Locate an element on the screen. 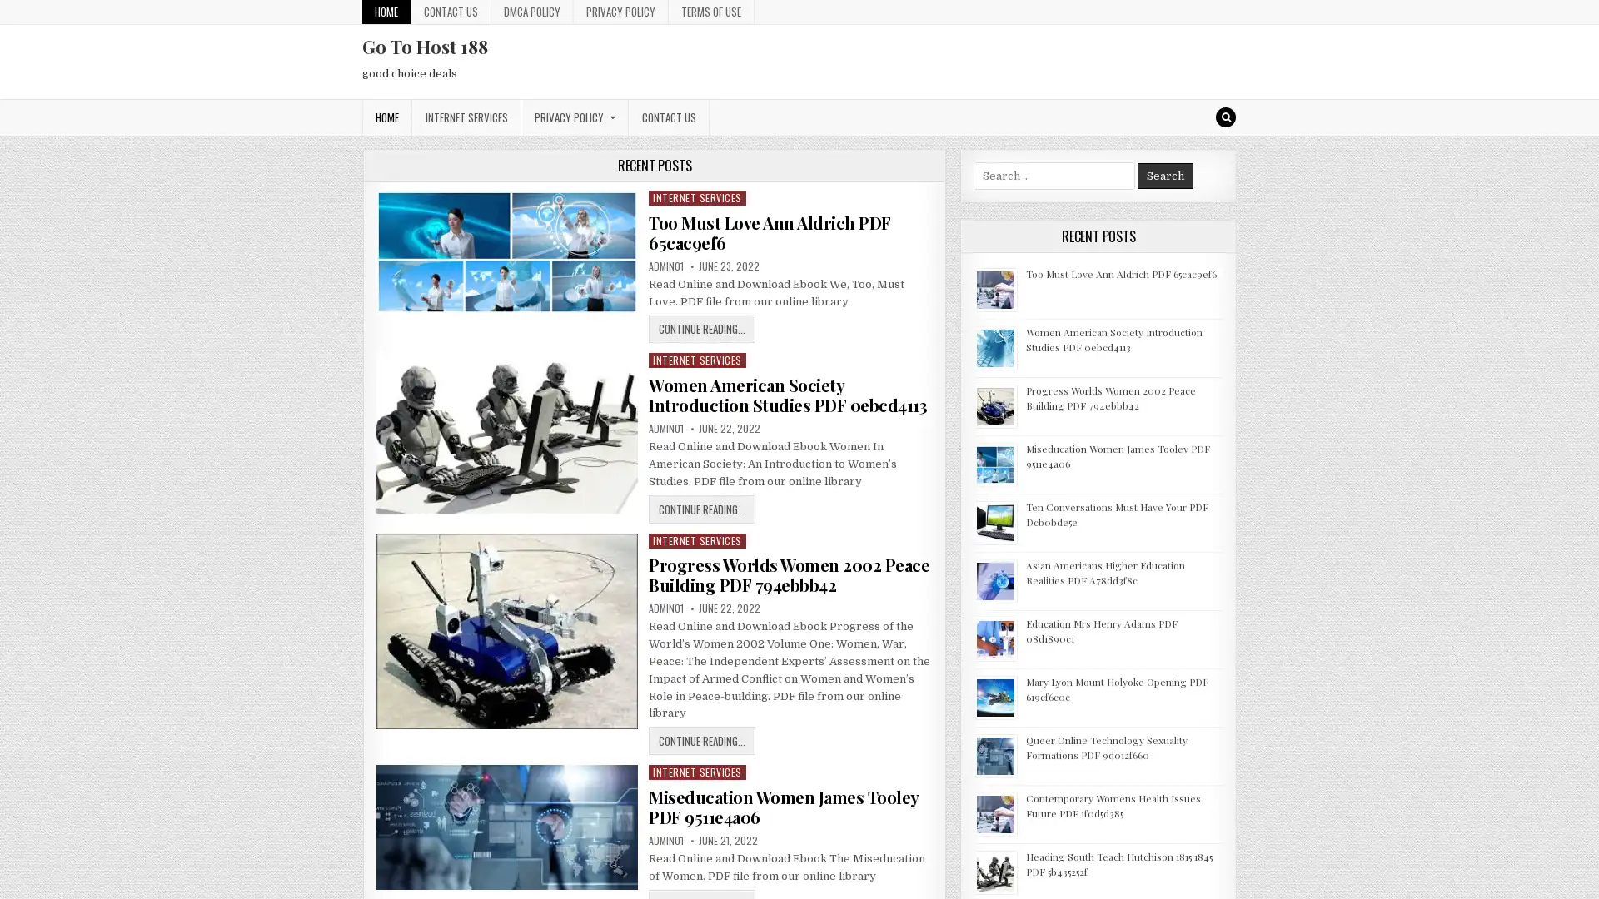 The width and height of the screenshot is (1599, 899). Search is located at coordinates (1164, 176).